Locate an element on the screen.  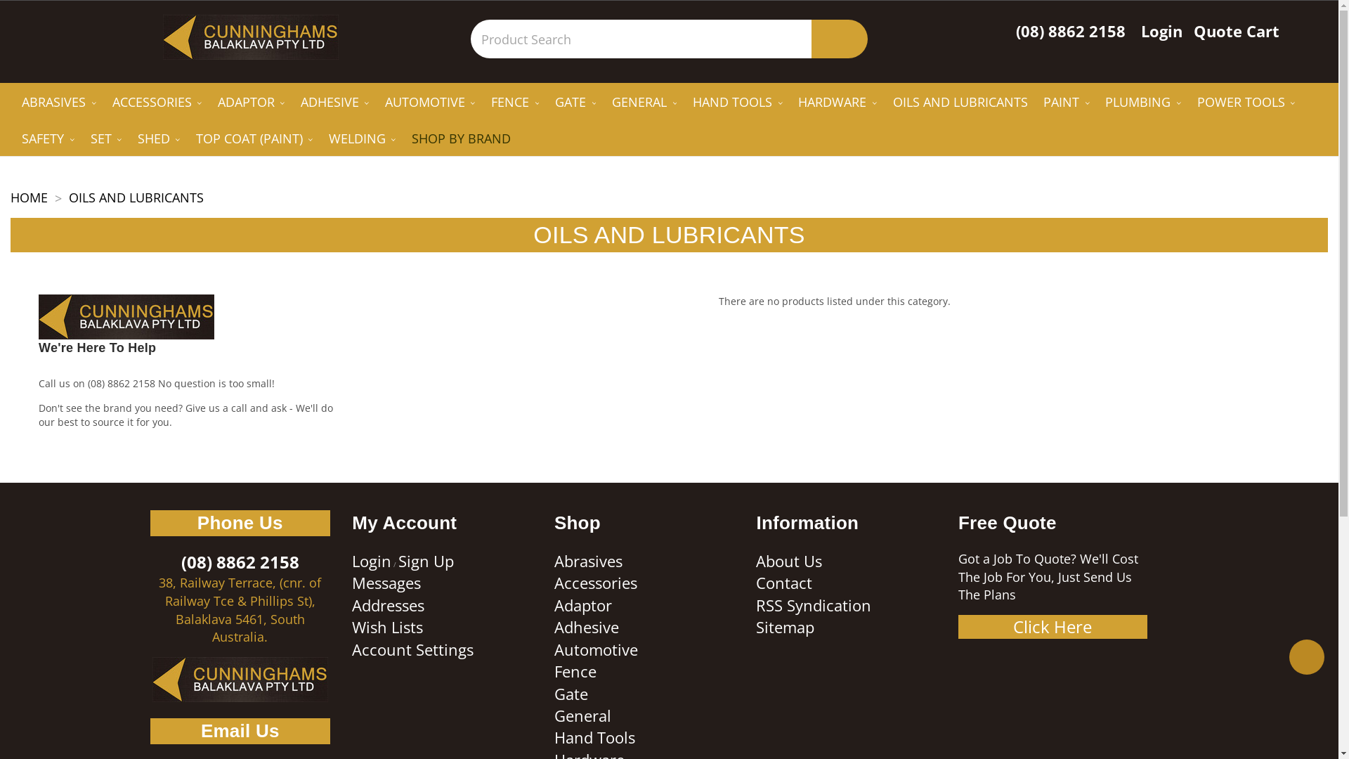
'GATE' is located at coordinates (546, 103).